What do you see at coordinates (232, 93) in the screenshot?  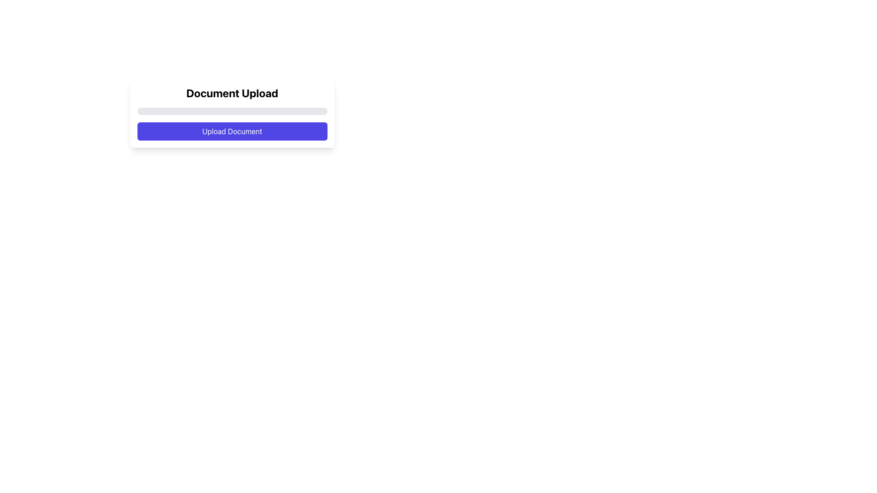 I see `heading text that indicates the section for uploading documents, located above the progress bar and 'Upload Document' button` at bounding box center [232, 93].